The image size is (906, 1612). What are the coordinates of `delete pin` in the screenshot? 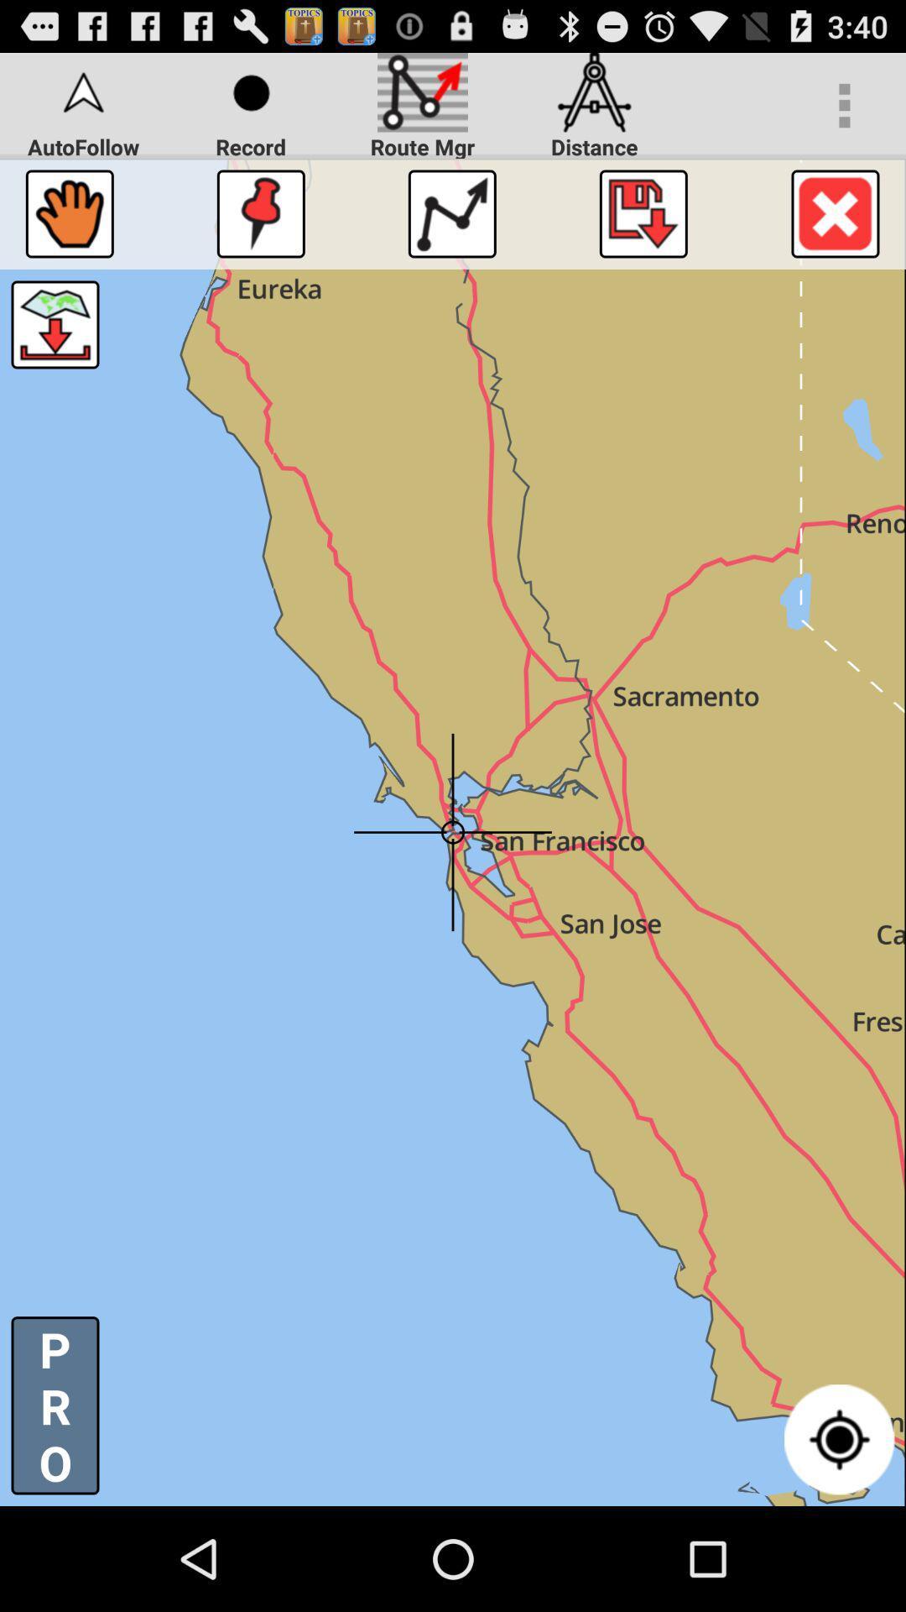 It's located at (835, 212).